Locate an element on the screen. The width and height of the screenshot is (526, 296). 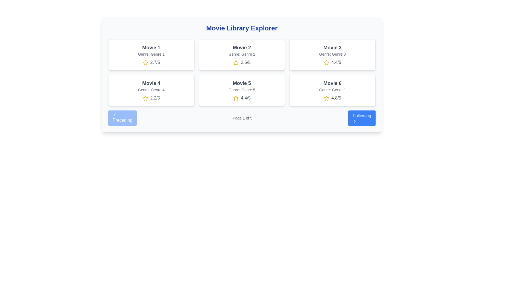
the rating text displaying '4.8/5' located within the bottom-right card labeled 'Movie 6', which is slightly right of center and accompanied by a yellow star icon is located at coordinates (332, 98).